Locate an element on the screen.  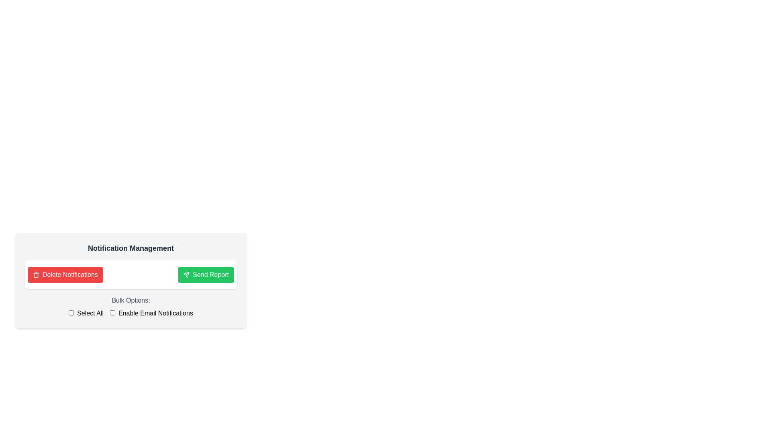
the 'Delete Notifications' text label, which is part of a red button with white text is located at coordinates (70, 274).